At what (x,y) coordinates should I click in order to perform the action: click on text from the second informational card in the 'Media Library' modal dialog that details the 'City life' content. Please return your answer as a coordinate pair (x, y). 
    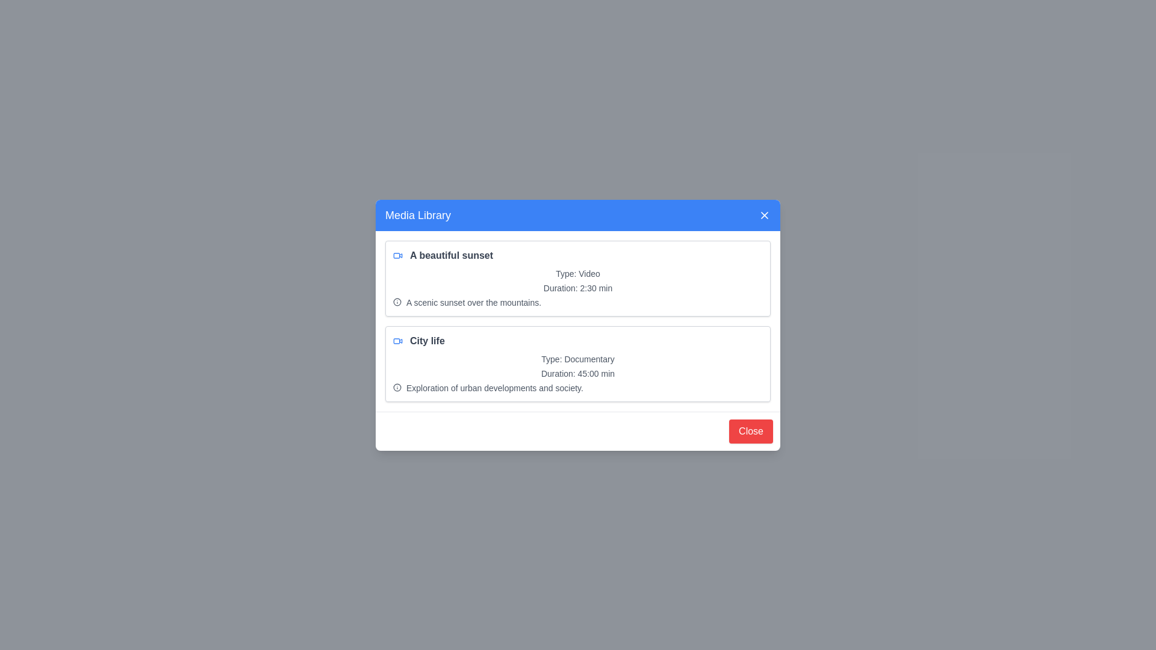
    Looking at the image, I should click on (578, 363).